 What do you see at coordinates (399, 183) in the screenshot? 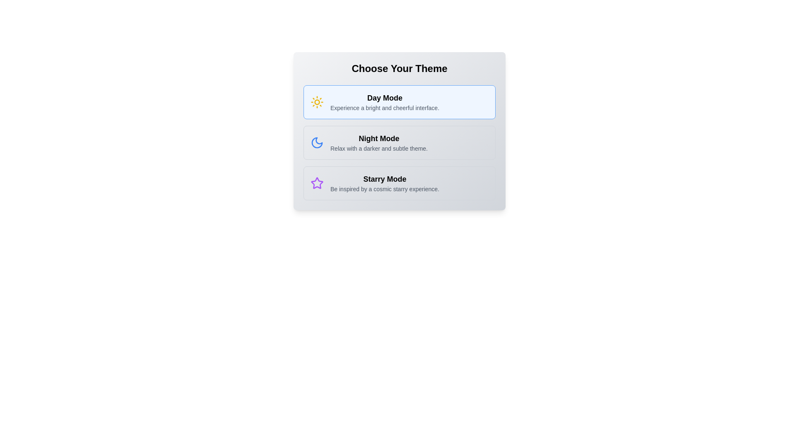
I see `the 'Starry Mode' theme option informative card, which is the third card in a vertical arrangement of three options` at bounding box center [399, 183].